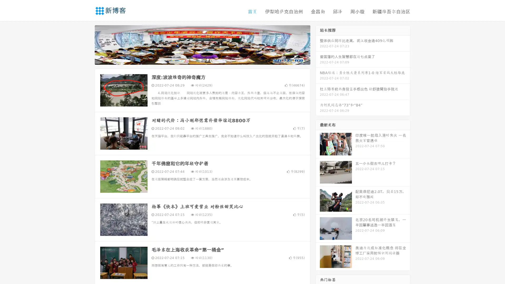 Image resolution: width=505 pixels, height=284 pixels. What do you see at coordinates (318, 44) in the screenshot?
I see `Next slide` at bounding box center [318, 44].